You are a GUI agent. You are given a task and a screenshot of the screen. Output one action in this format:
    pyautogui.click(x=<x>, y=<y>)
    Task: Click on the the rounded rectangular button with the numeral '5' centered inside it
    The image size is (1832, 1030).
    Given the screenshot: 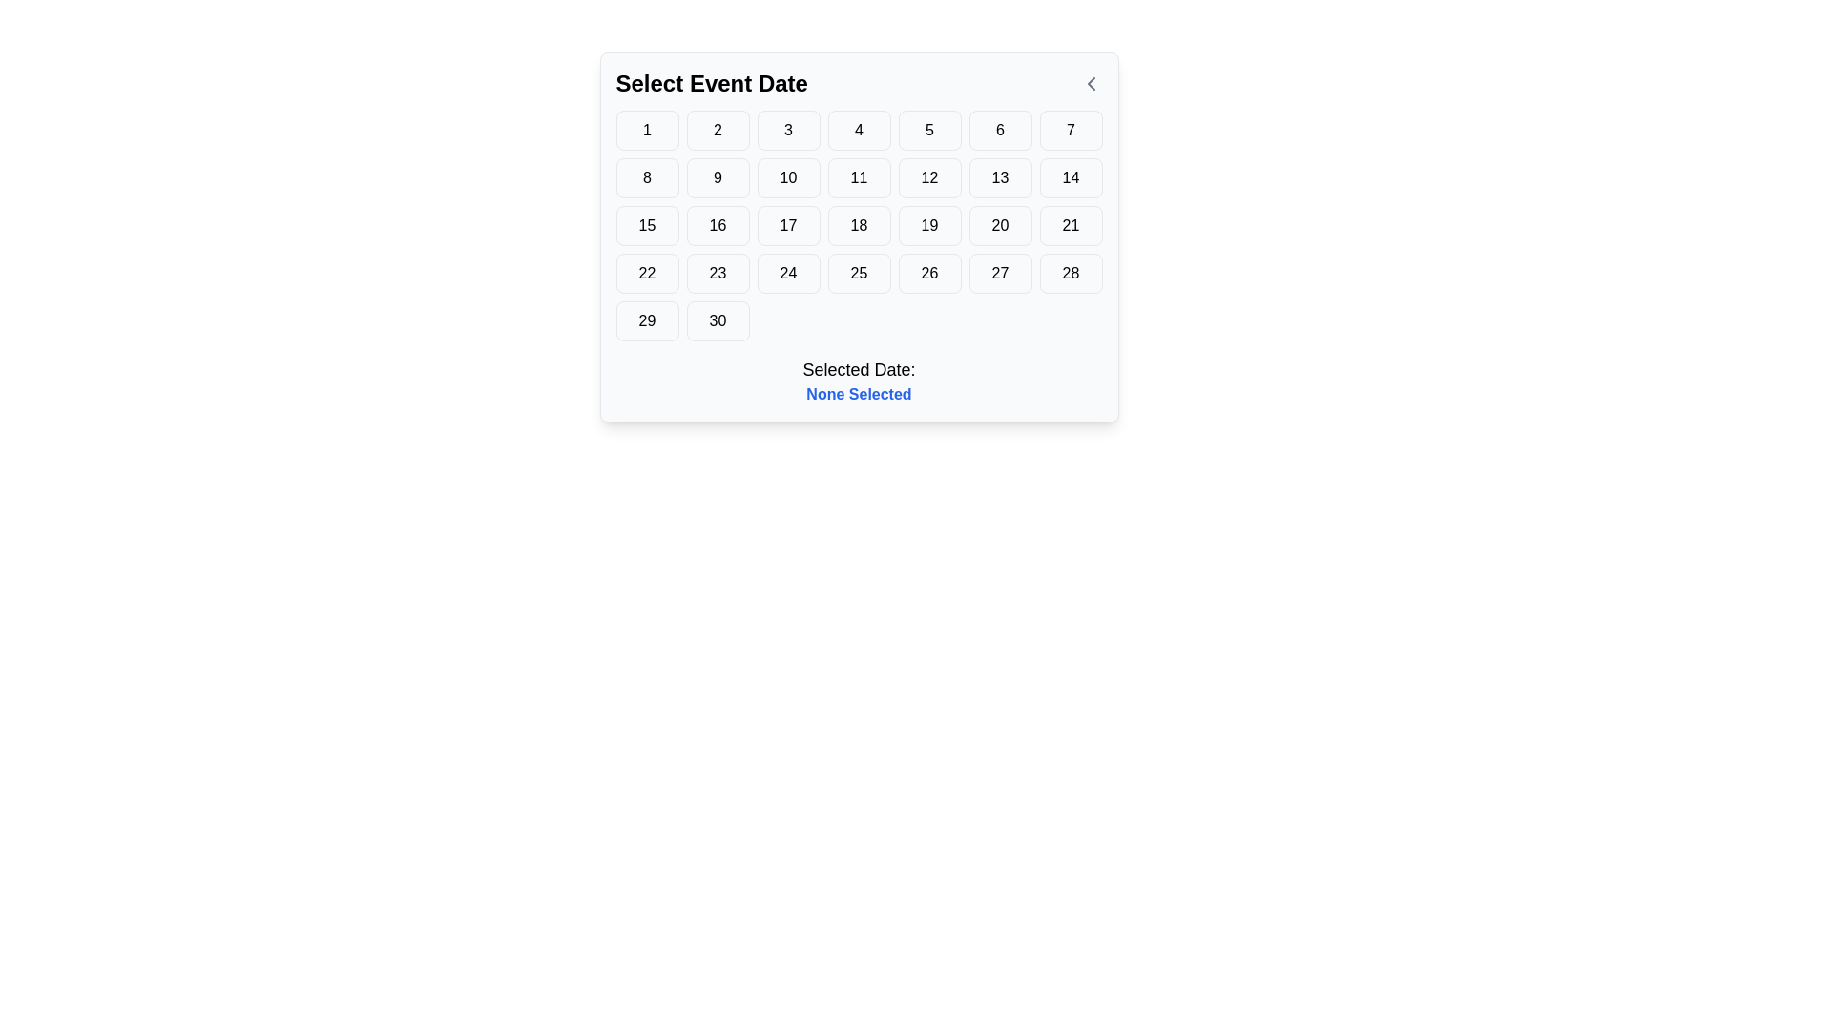 What is the action you would take?
    pyautogui.click(x=929, y=130)
    